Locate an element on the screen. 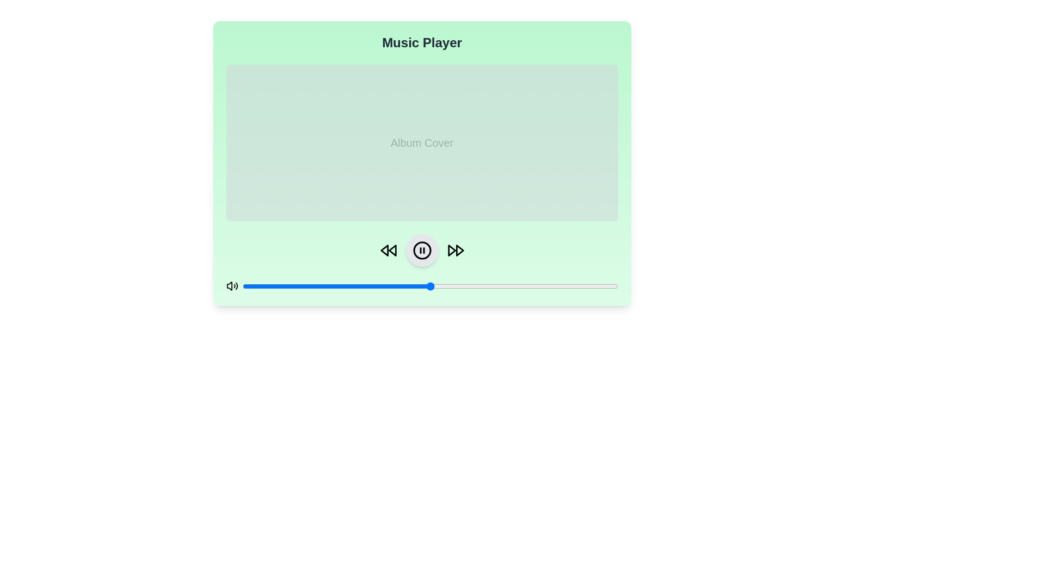 This screenshot has height=587, width=1045. the circular pause button with a gray background and black border in the music player interface, which is centrally positioned between the rewind and fast-forward buttons is located at coordinates (421, 251).